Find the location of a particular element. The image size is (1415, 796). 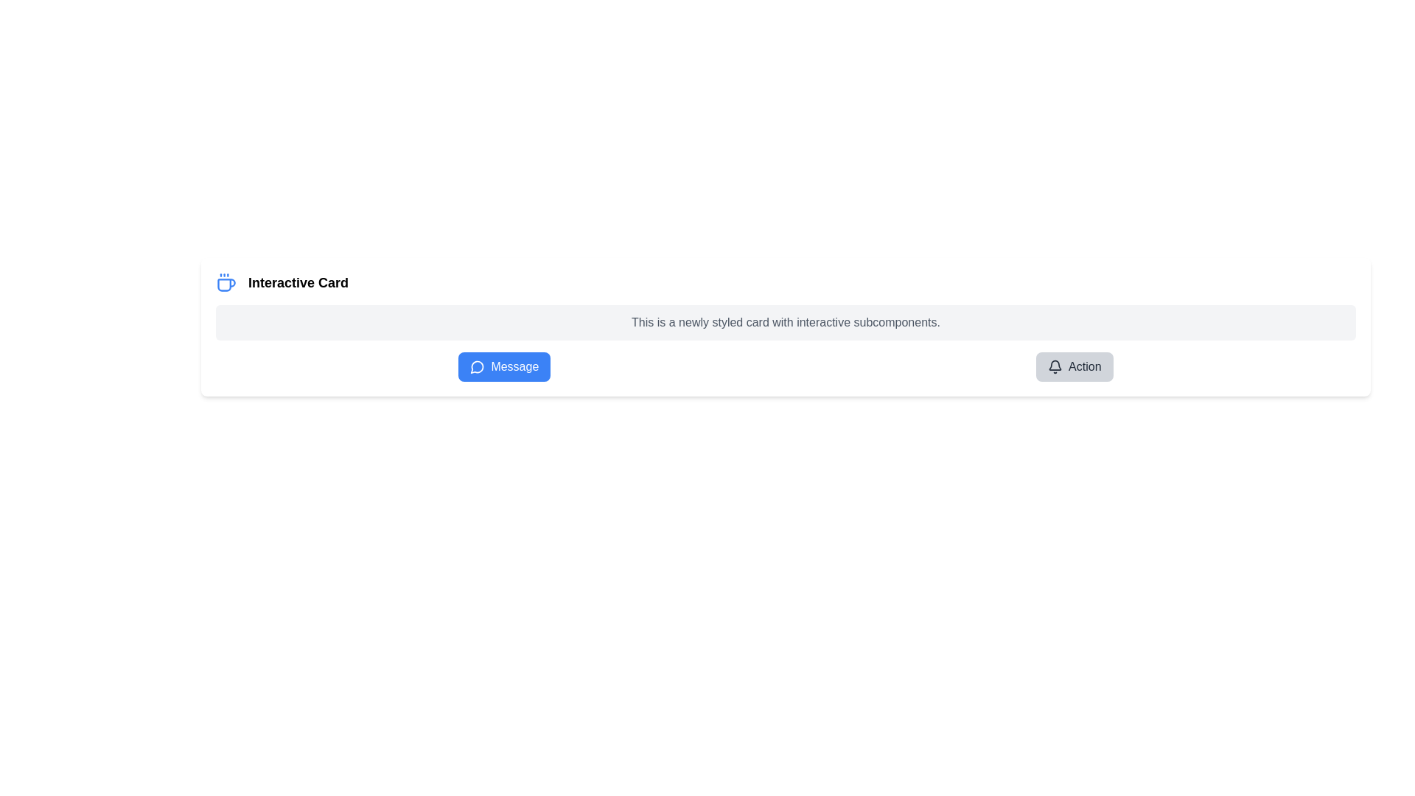

the outlined bell icon located at the far right of the interactive card within the 'Action' button, preceding the button text is located at coordinates (1055, 366).